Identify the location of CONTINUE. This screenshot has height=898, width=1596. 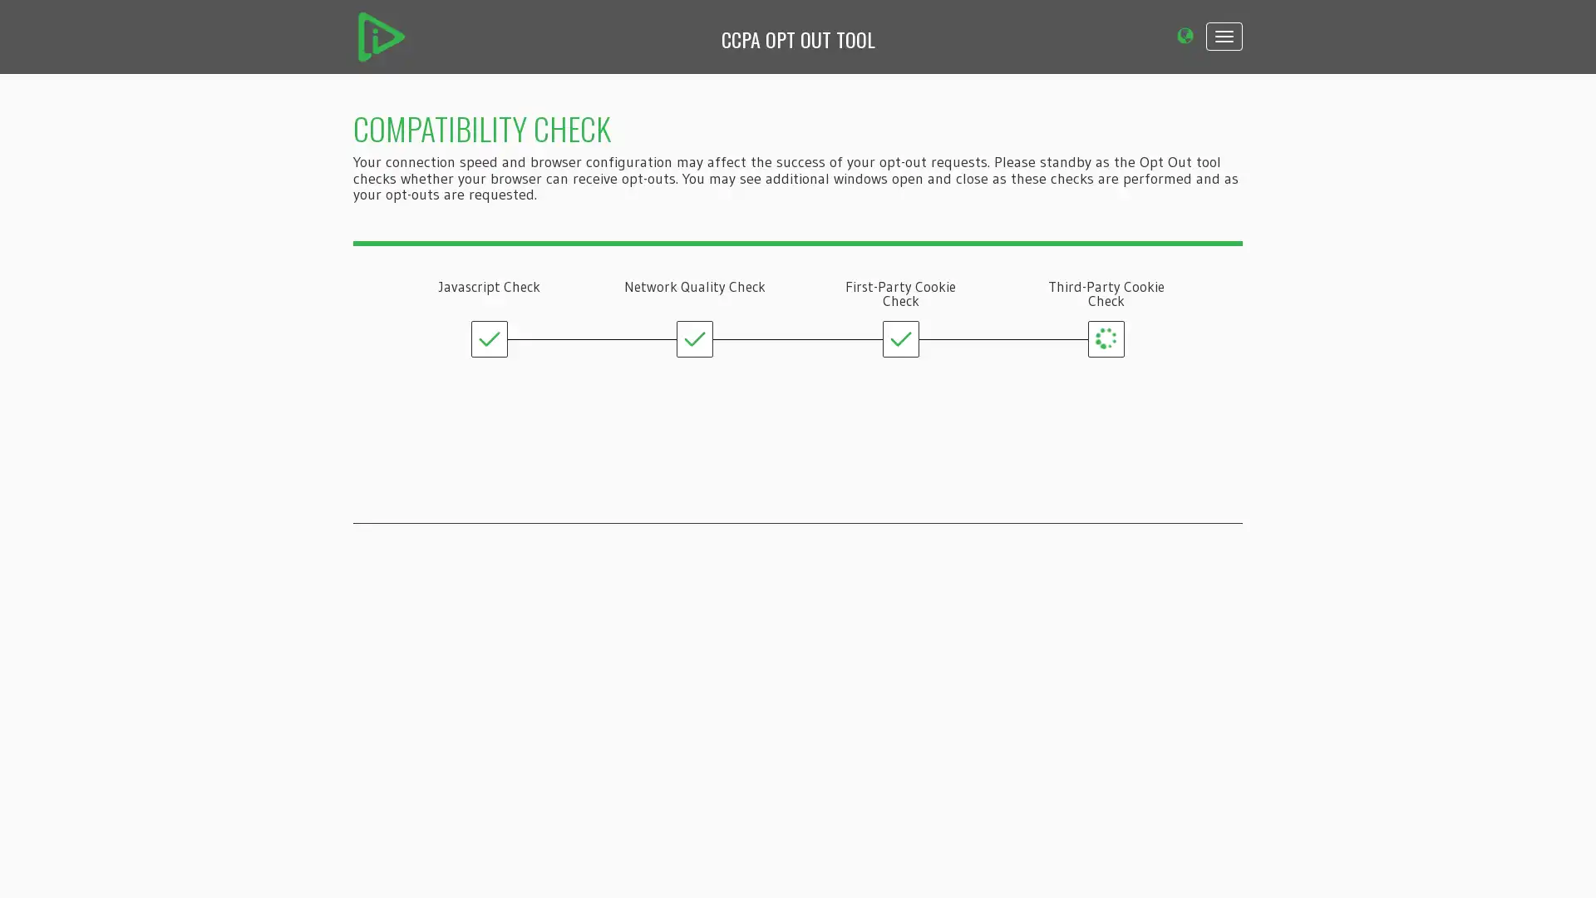
(625, 508).